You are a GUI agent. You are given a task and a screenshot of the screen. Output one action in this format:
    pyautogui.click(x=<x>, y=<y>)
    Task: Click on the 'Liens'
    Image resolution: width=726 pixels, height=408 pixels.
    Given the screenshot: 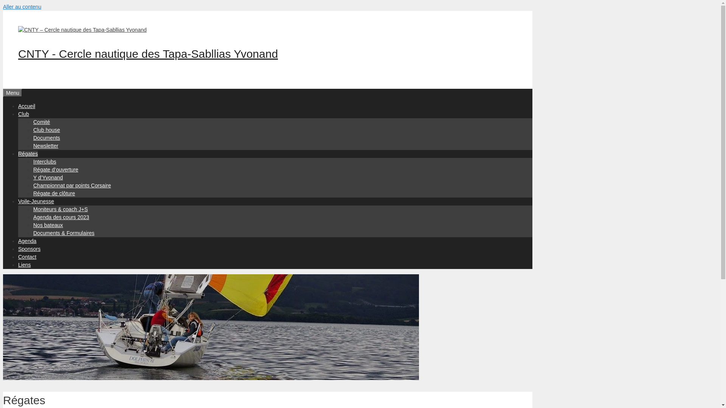 What is the action you would take?
    pyautogui.click(x=24, y=264)
    